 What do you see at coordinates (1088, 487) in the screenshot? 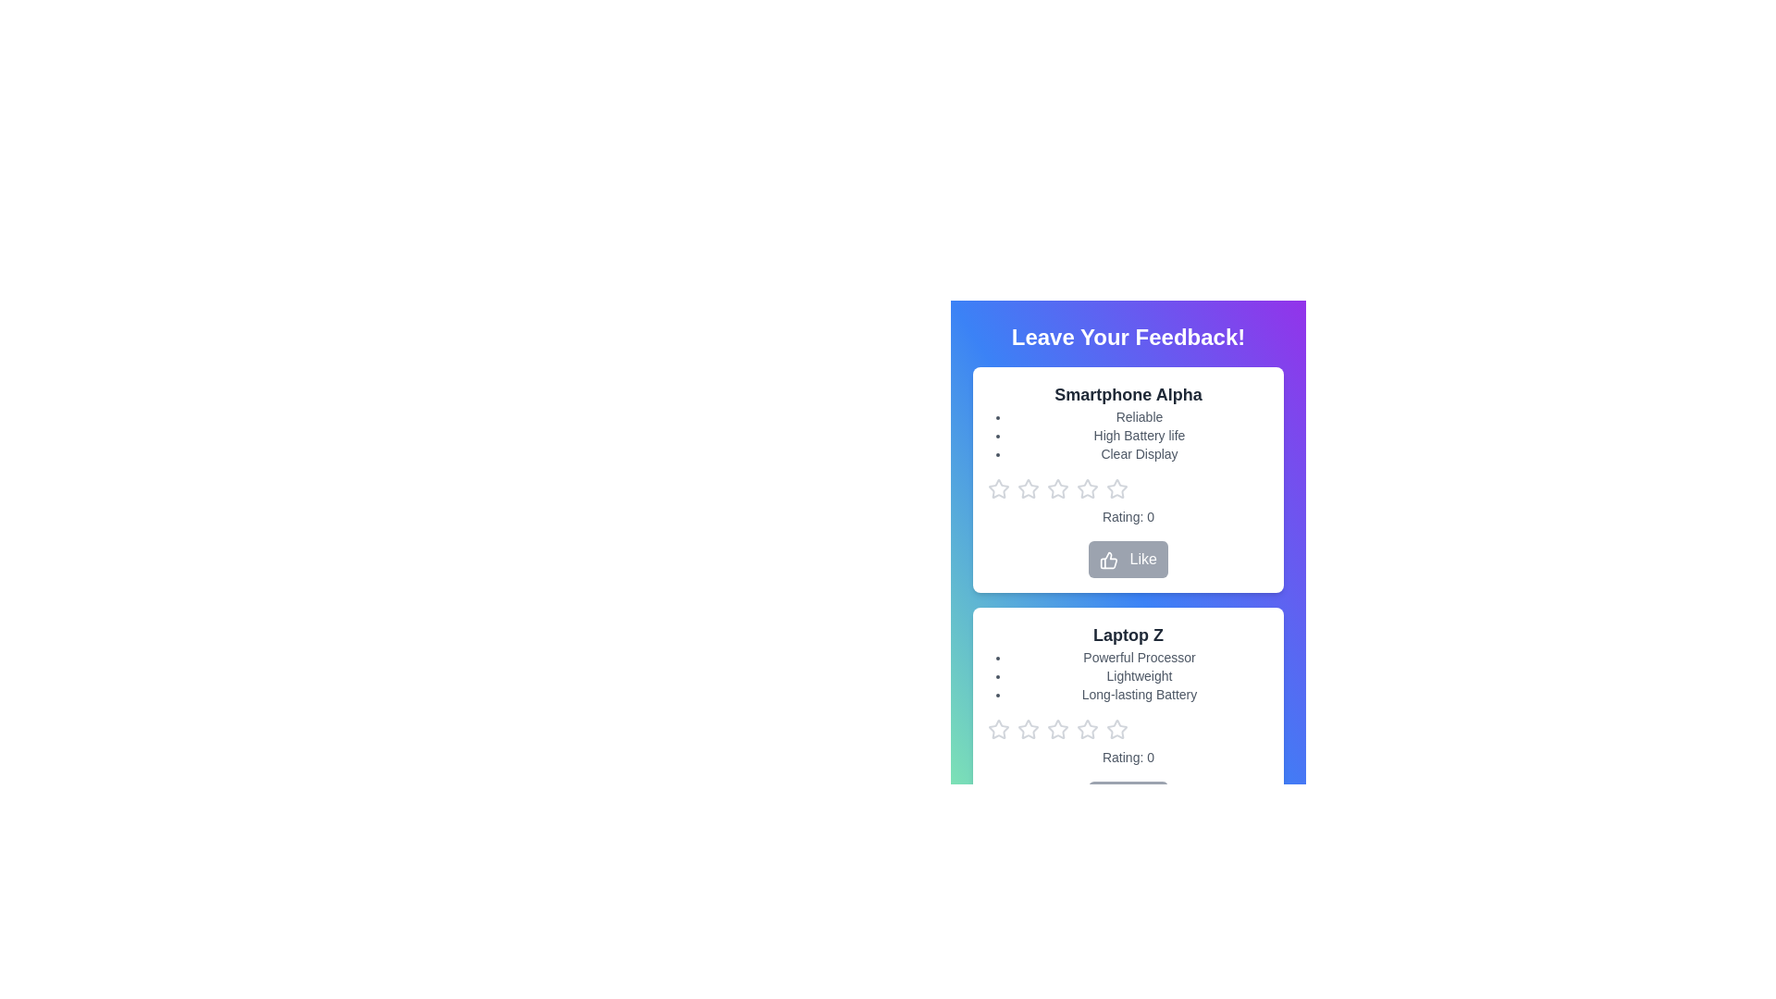
I see `the second star icon in the ratings interface below 'Smartphone Alpha' to set a rating of 2` at bounding box center [1088, 487].